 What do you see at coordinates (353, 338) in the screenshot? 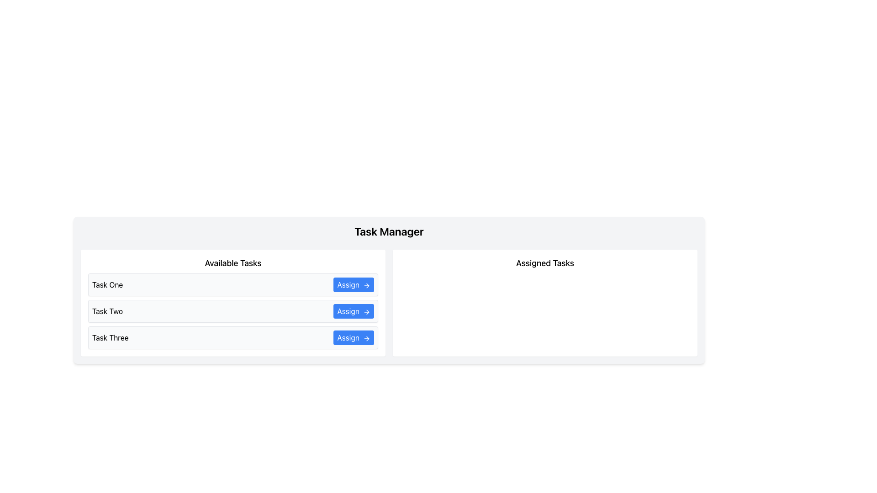
I see `the 'Task Three' assign button located in the lower right of the task management section` at bounding box center [353, 338].